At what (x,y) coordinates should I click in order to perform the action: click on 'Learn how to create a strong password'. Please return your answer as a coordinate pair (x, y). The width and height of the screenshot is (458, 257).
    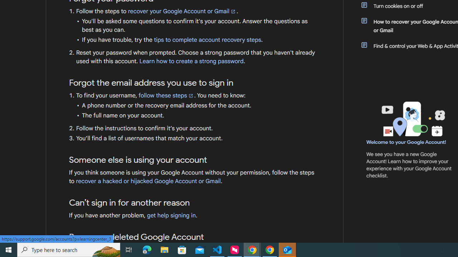
    Looking at the image, I should click on (191, 61).